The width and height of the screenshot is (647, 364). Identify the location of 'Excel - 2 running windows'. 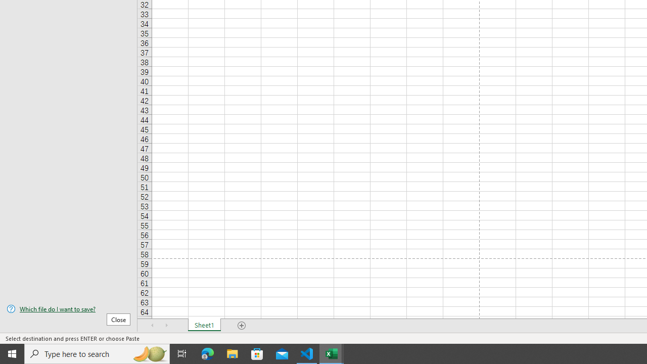
(332, 353).